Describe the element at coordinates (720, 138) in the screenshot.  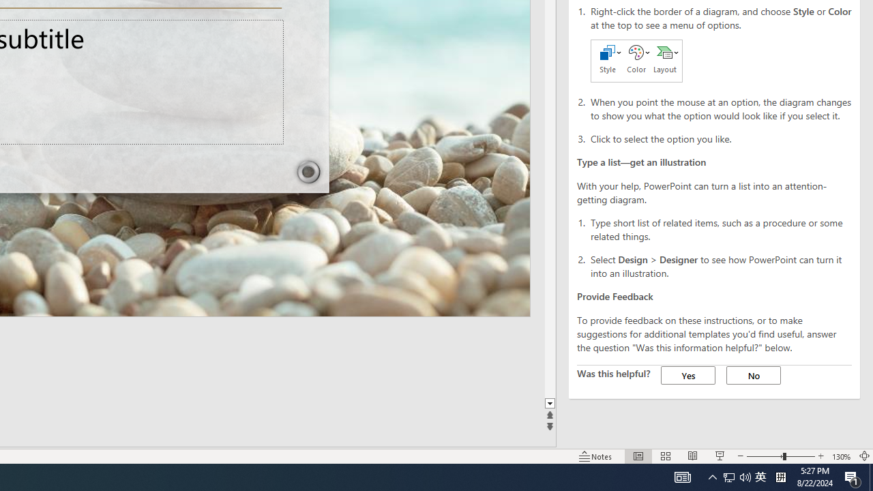
I see `'Click to select the option you like.'` at that location.